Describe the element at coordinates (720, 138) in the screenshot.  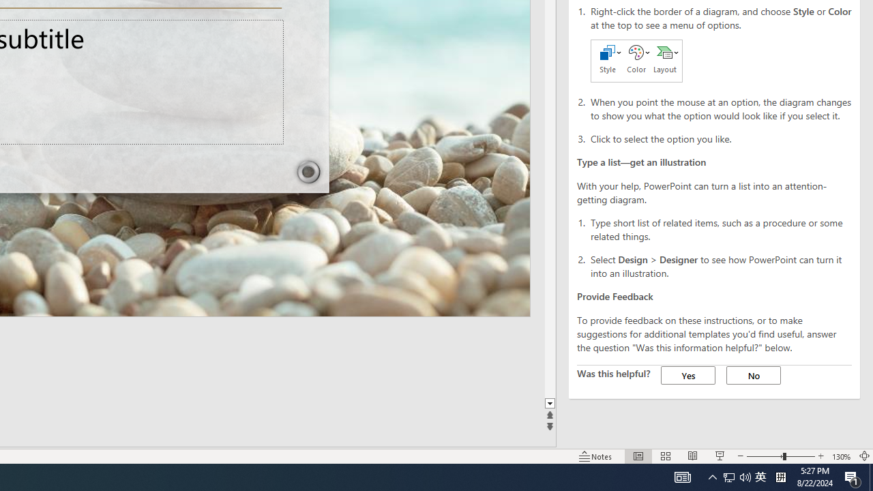
I see `'Click to select the option you like.'` at that location.